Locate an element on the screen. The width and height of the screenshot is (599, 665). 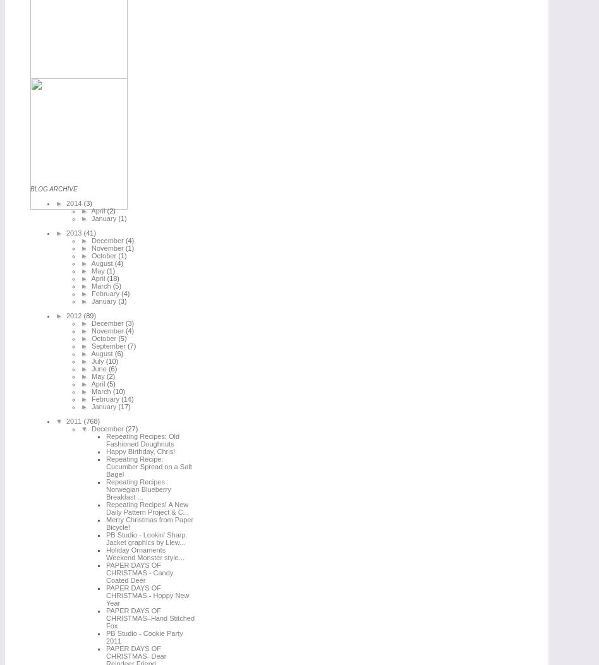
'PB Studio - Cookie Party 2011' is located at coordinates (143, 636).